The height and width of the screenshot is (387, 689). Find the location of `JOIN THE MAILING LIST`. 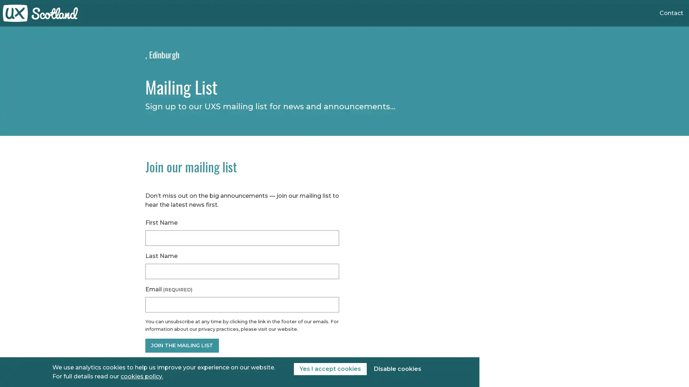

JOIN THE MAILING LIST is located at coordinates (182, 345).